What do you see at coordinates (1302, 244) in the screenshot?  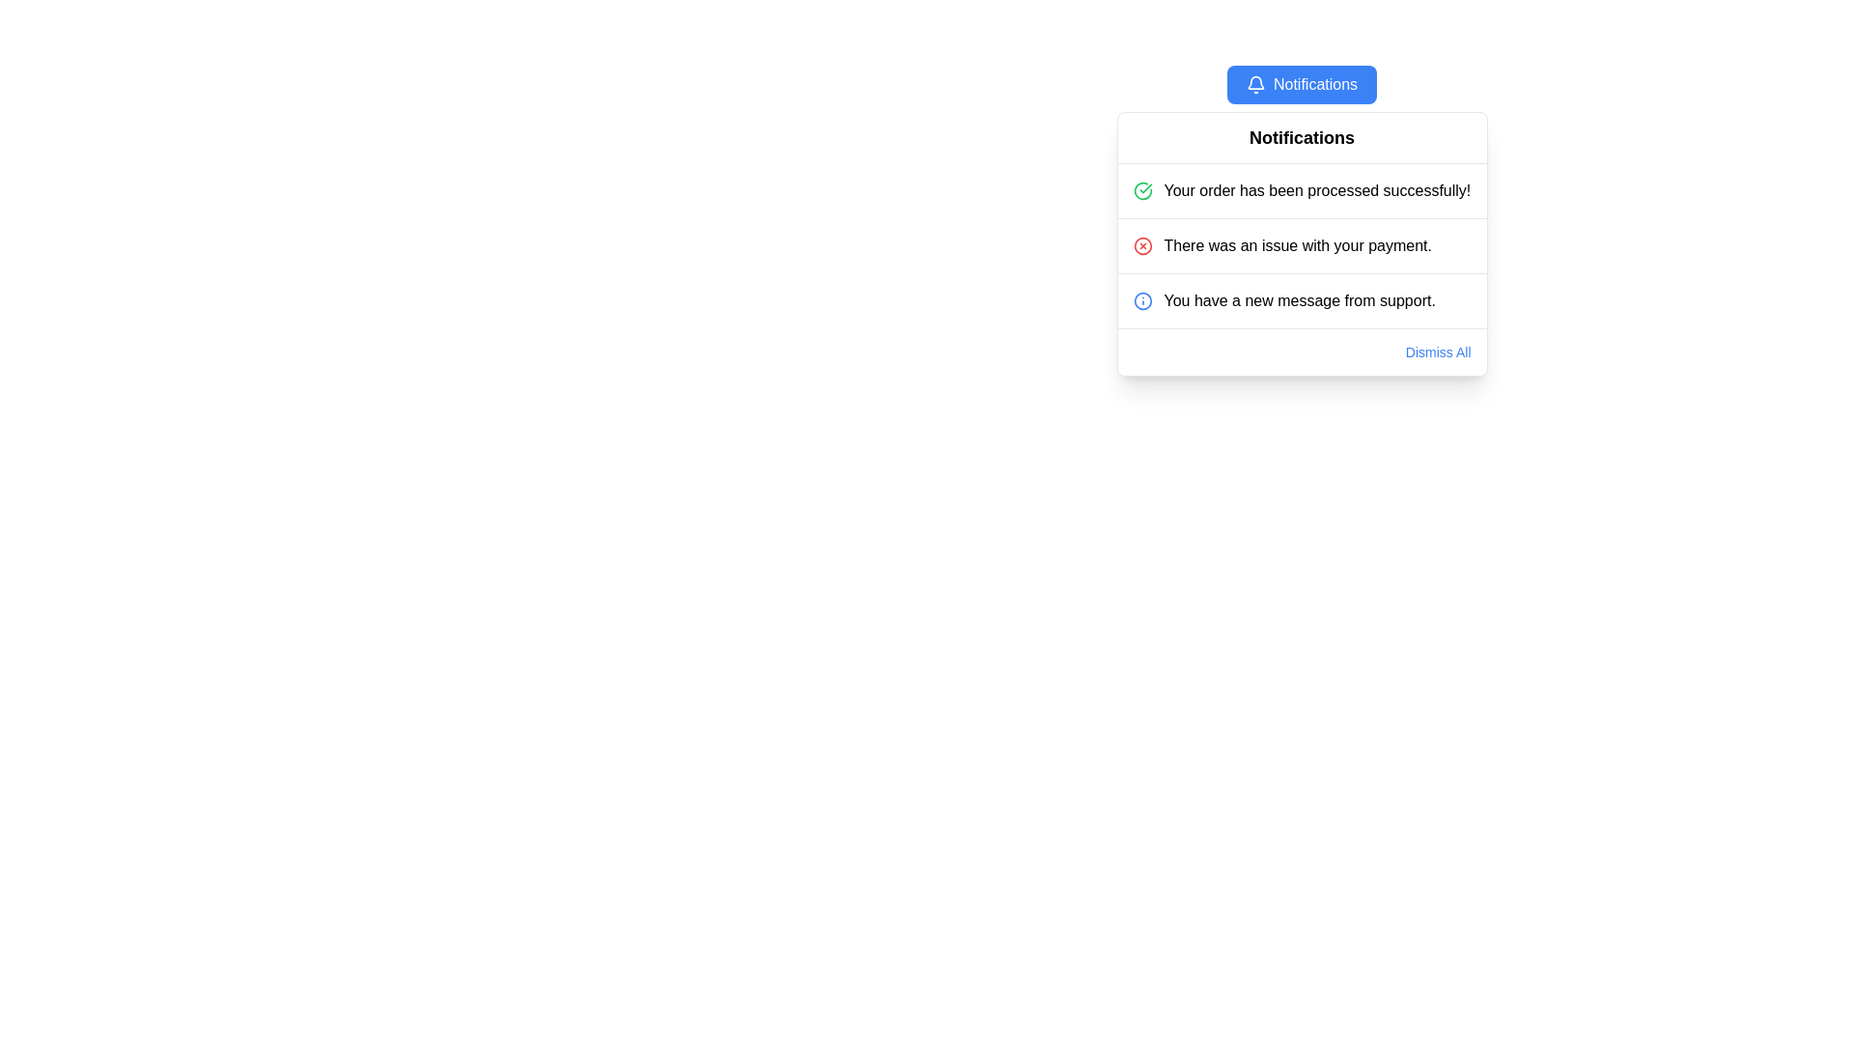 I see `notification with a red circular icon and text stating 'There was an issue with your payment.', which is the second notification in the list` at bounding box center [1302, 244].